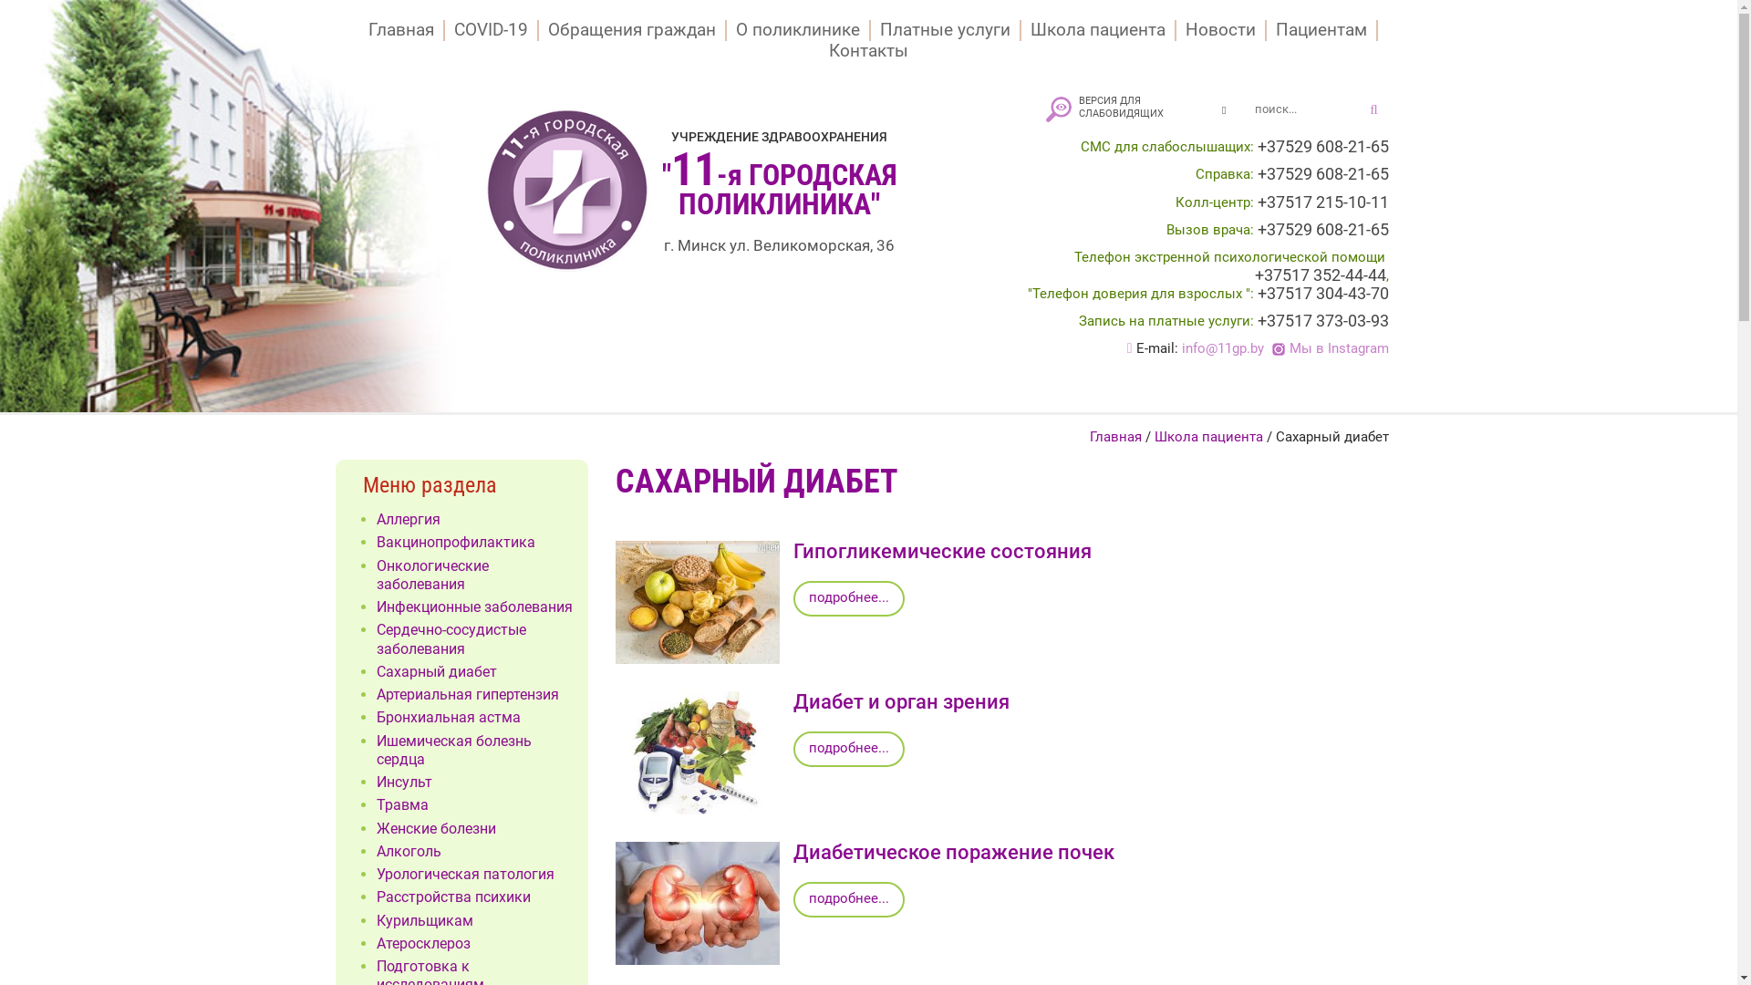 The image size is (1751, 985). I want to click on '+37529 608-21-65', so click(1321, 174).